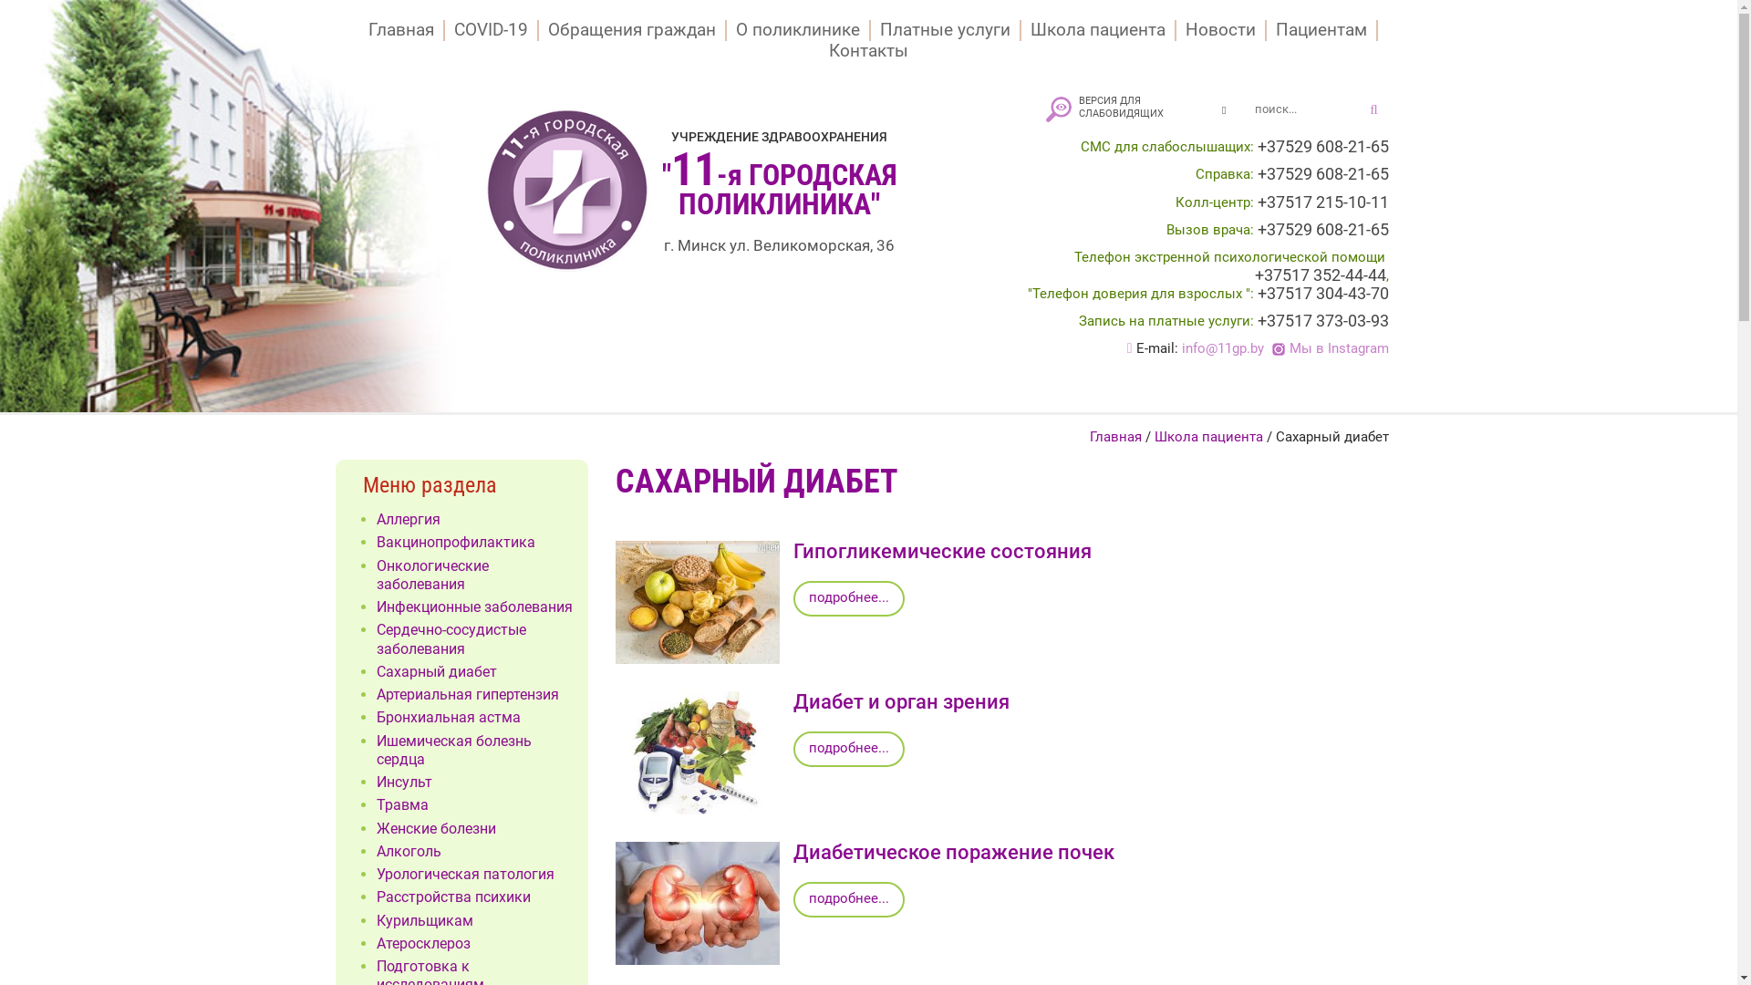 The image size is (1751, 985). I want to click on '+37529 608-21-65', so click(1321, 174).